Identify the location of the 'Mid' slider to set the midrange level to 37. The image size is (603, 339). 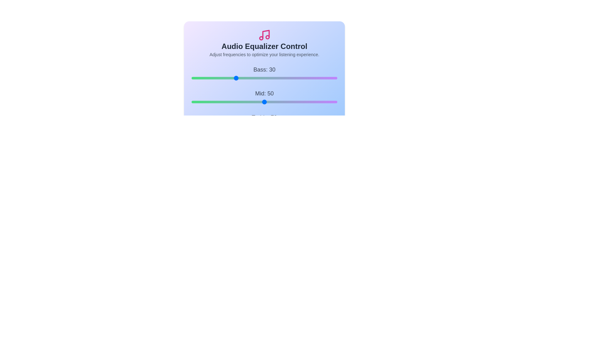
(245, 101).